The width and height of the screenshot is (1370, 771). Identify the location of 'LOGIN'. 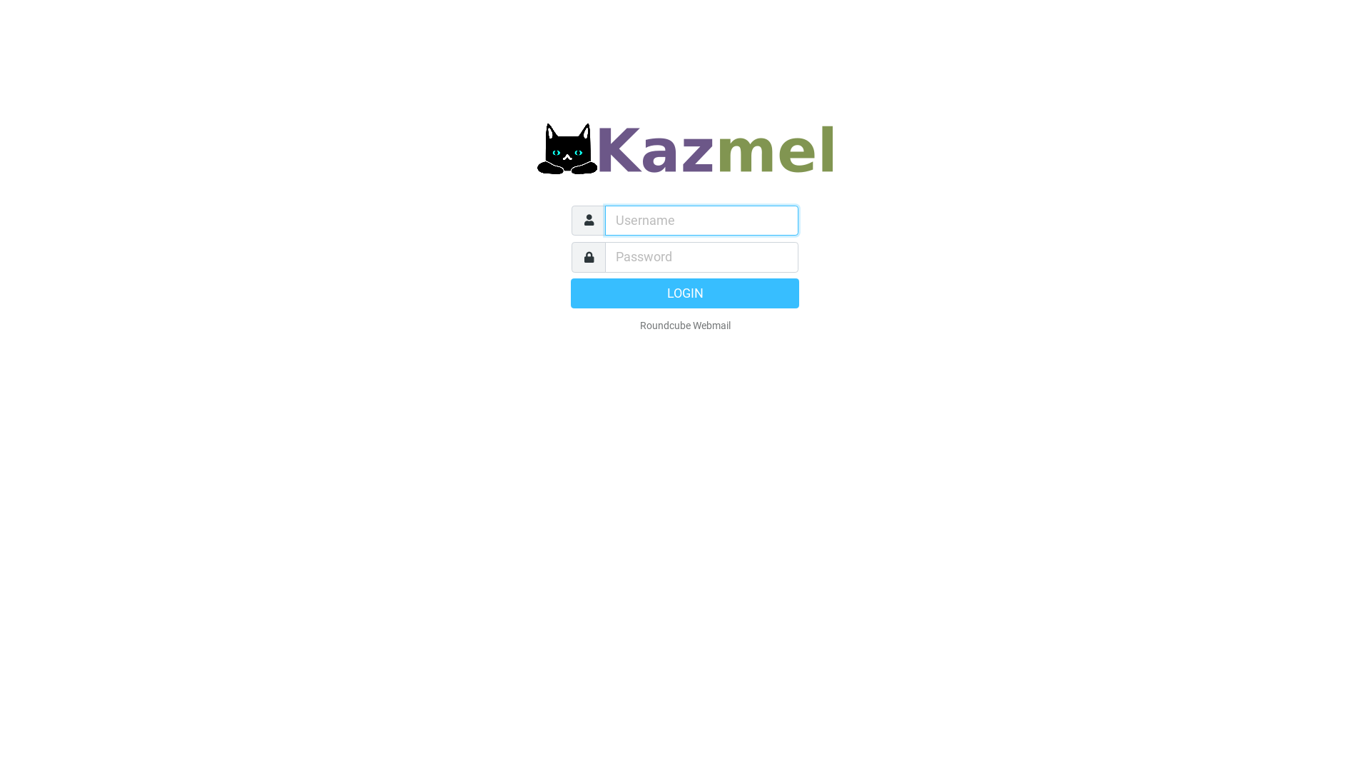
(685, 293).